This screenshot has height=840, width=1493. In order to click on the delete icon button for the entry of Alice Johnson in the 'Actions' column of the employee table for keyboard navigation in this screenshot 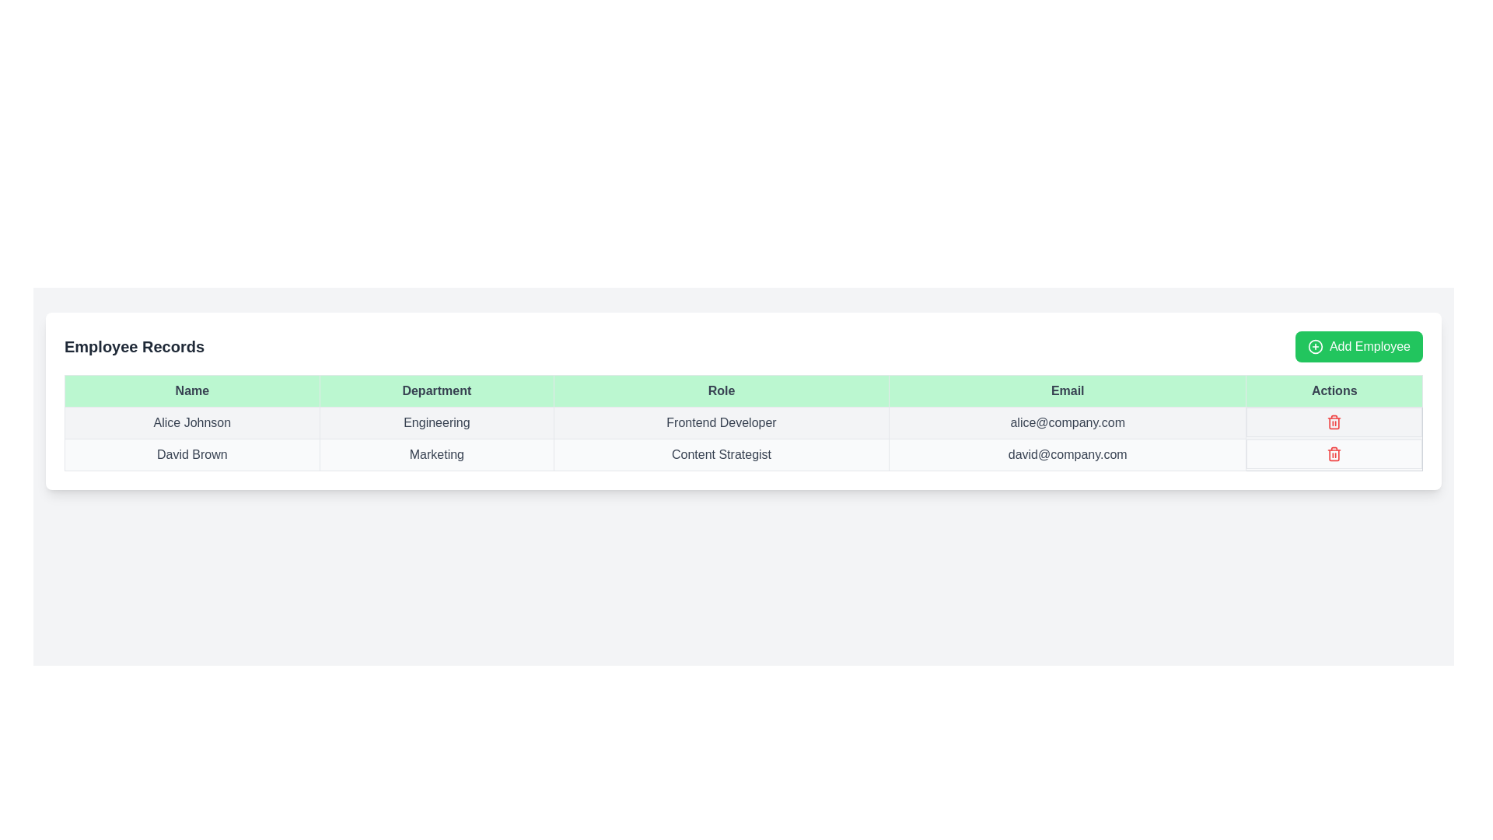, I will do `click(1334, 422)`.